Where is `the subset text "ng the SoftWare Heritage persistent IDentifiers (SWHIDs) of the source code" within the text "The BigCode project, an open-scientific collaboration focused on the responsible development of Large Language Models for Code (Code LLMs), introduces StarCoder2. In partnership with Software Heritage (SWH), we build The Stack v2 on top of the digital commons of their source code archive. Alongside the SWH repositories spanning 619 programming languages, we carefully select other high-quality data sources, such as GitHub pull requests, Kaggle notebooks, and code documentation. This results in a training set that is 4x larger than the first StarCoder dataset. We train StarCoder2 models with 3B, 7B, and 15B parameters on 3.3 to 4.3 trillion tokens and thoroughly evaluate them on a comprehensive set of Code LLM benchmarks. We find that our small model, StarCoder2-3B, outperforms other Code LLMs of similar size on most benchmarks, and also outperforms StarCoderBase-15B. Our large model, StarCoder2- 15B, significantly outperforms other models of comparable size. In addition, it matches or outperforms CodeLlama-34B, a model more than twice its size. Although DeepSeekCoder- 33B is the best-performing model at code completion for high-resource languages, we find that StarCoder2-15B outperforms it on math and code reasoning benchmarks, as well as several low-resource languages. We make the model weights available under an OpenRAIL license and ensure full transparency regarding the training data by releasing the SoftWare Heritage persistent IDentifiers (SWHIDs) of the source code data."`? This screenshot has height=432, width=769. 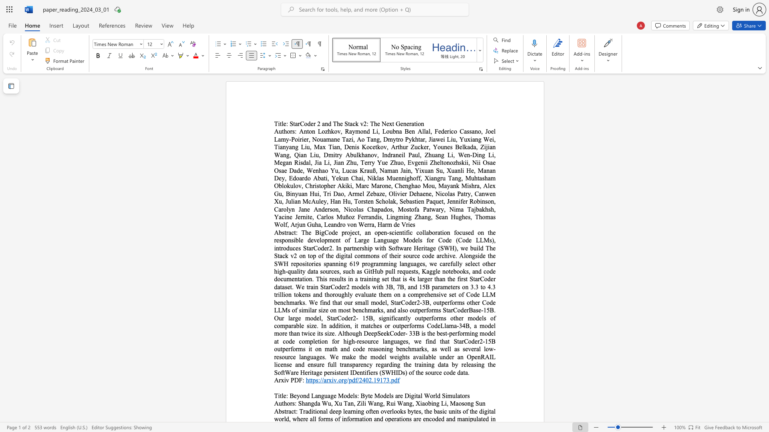 the subset text "ng the SoftWare Heritage persistent IDentifiers (SWHIDs) of the source code" within the text "The BigCode project, an open-scientific collaboration focused on the responsible development of Large Language Models for Code (Code LLMs), introduces StarCoder2. In partnership with Software Heritage (SWH), we build The Stack v2 on top of the digital commons of their source code archive. Alongside the SWH repositories spanning 619 programming languages, we carefully select other high-quality data sources, such as GitHub pull requests, Kaggle notebooks, and code documentation. This results in a training set that is 4x larger than the first StarCoder dataset. We train StarCoder2 models with 3B, 7B, and 15B parameters on 3.3 to 4.3 trillion tokens and thoroughly evaluate them on a comprehensive set of Code LLM benchmarks. We find that our small model, StarCoder2-3B, outperforms other Code LLMs of similar size on most benchmarks, and also outperforms StarCoderBase-15B. Our large model, StarCoder2- 15B, significantly outperforms other models of comparable size. In addition, it matches or outperforms CodeLlama-34B, a model more than twice its size. Although DeepSeekCoder- 33B is the best-performing model at code completion for high-resource languages, we find that StarCoder2-15B outperforms it on math and code reasoning benchmarks, as well as several low-resource languages. We make the model weights available under an OpenRAIL license and ensure full transparency regarding the training data by releasing the SoftWare Heritage persistent IDentifiers (SWHIDs) of the source code data." is located at coordinates (478, 364).